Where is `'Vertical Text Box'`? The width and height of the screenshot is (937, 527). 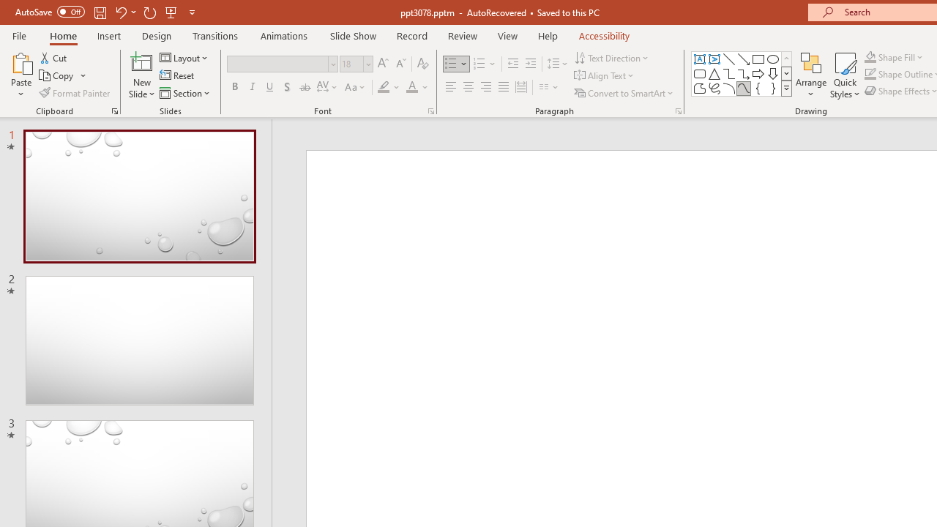 'Vertical Text Box' is located at coordinates (714, 59).